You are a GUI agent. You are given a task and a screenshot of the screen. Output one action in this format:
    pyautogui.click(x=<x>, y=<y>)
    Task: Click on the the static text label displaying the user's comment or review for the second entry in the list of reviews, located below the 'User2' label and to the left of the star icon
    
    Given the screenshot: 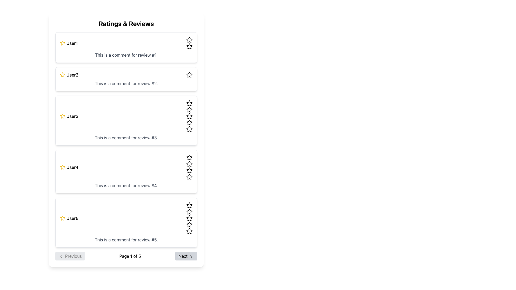 What is the action you would take?
    pyautogui.click(x=126, y=84)
    